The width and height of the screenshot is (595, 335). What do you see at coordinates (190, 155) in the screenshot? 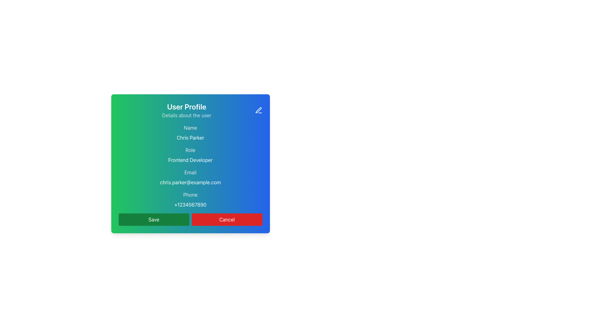
I see `the Text Display element that shows the user's role or job title, located in the middle of the user profile card, between the 'Name' and 'Email' sections` at bounding box center [190, 155].